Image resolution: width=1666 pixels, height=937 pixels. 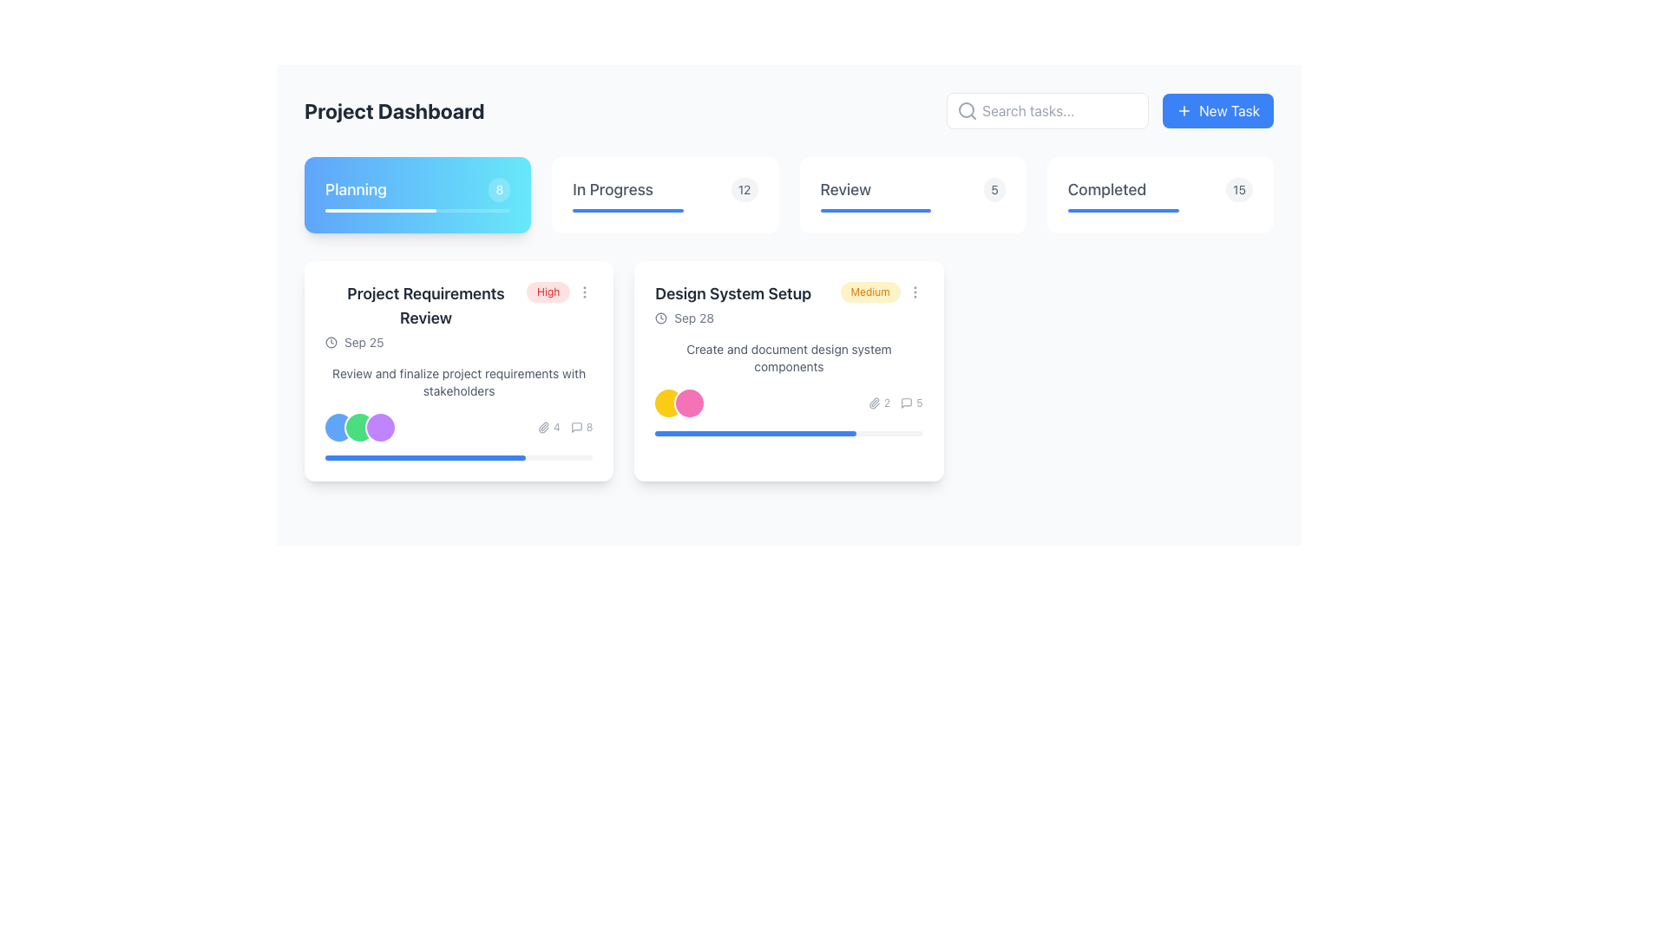 What do you see at coordinates (459, 381) in the screenshot?
I see `the static text description that reads 'Review and finalize project requirements with stakeholders', which is styled in small gray font and positioned below the title 'Project Requirements Review'` at bounding box center [459, 381].